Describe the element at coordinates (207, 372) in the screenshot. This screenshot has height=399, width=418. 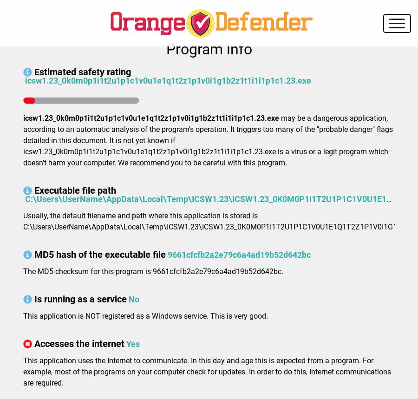
I see `'This application uses the Internet to communicate. In this day and age this is expected from a program. For example, most of the programs on your computer check for updates. In order to do this, Internet communications are required.'` at that location.